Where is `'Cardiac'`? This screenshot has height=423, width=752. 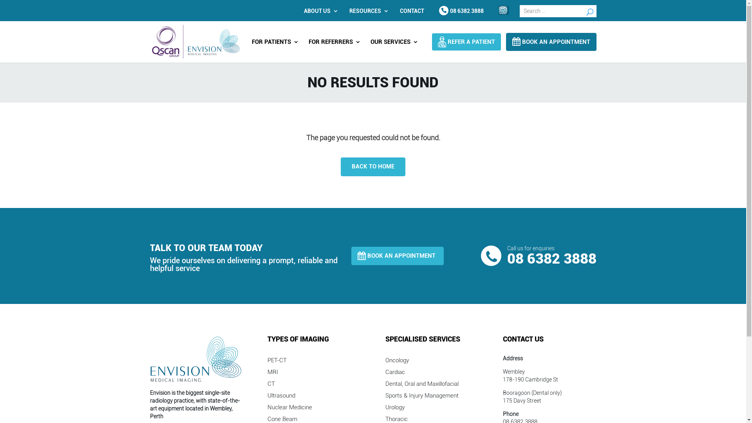
'Cardiac' is located at coordinates (395, 373).